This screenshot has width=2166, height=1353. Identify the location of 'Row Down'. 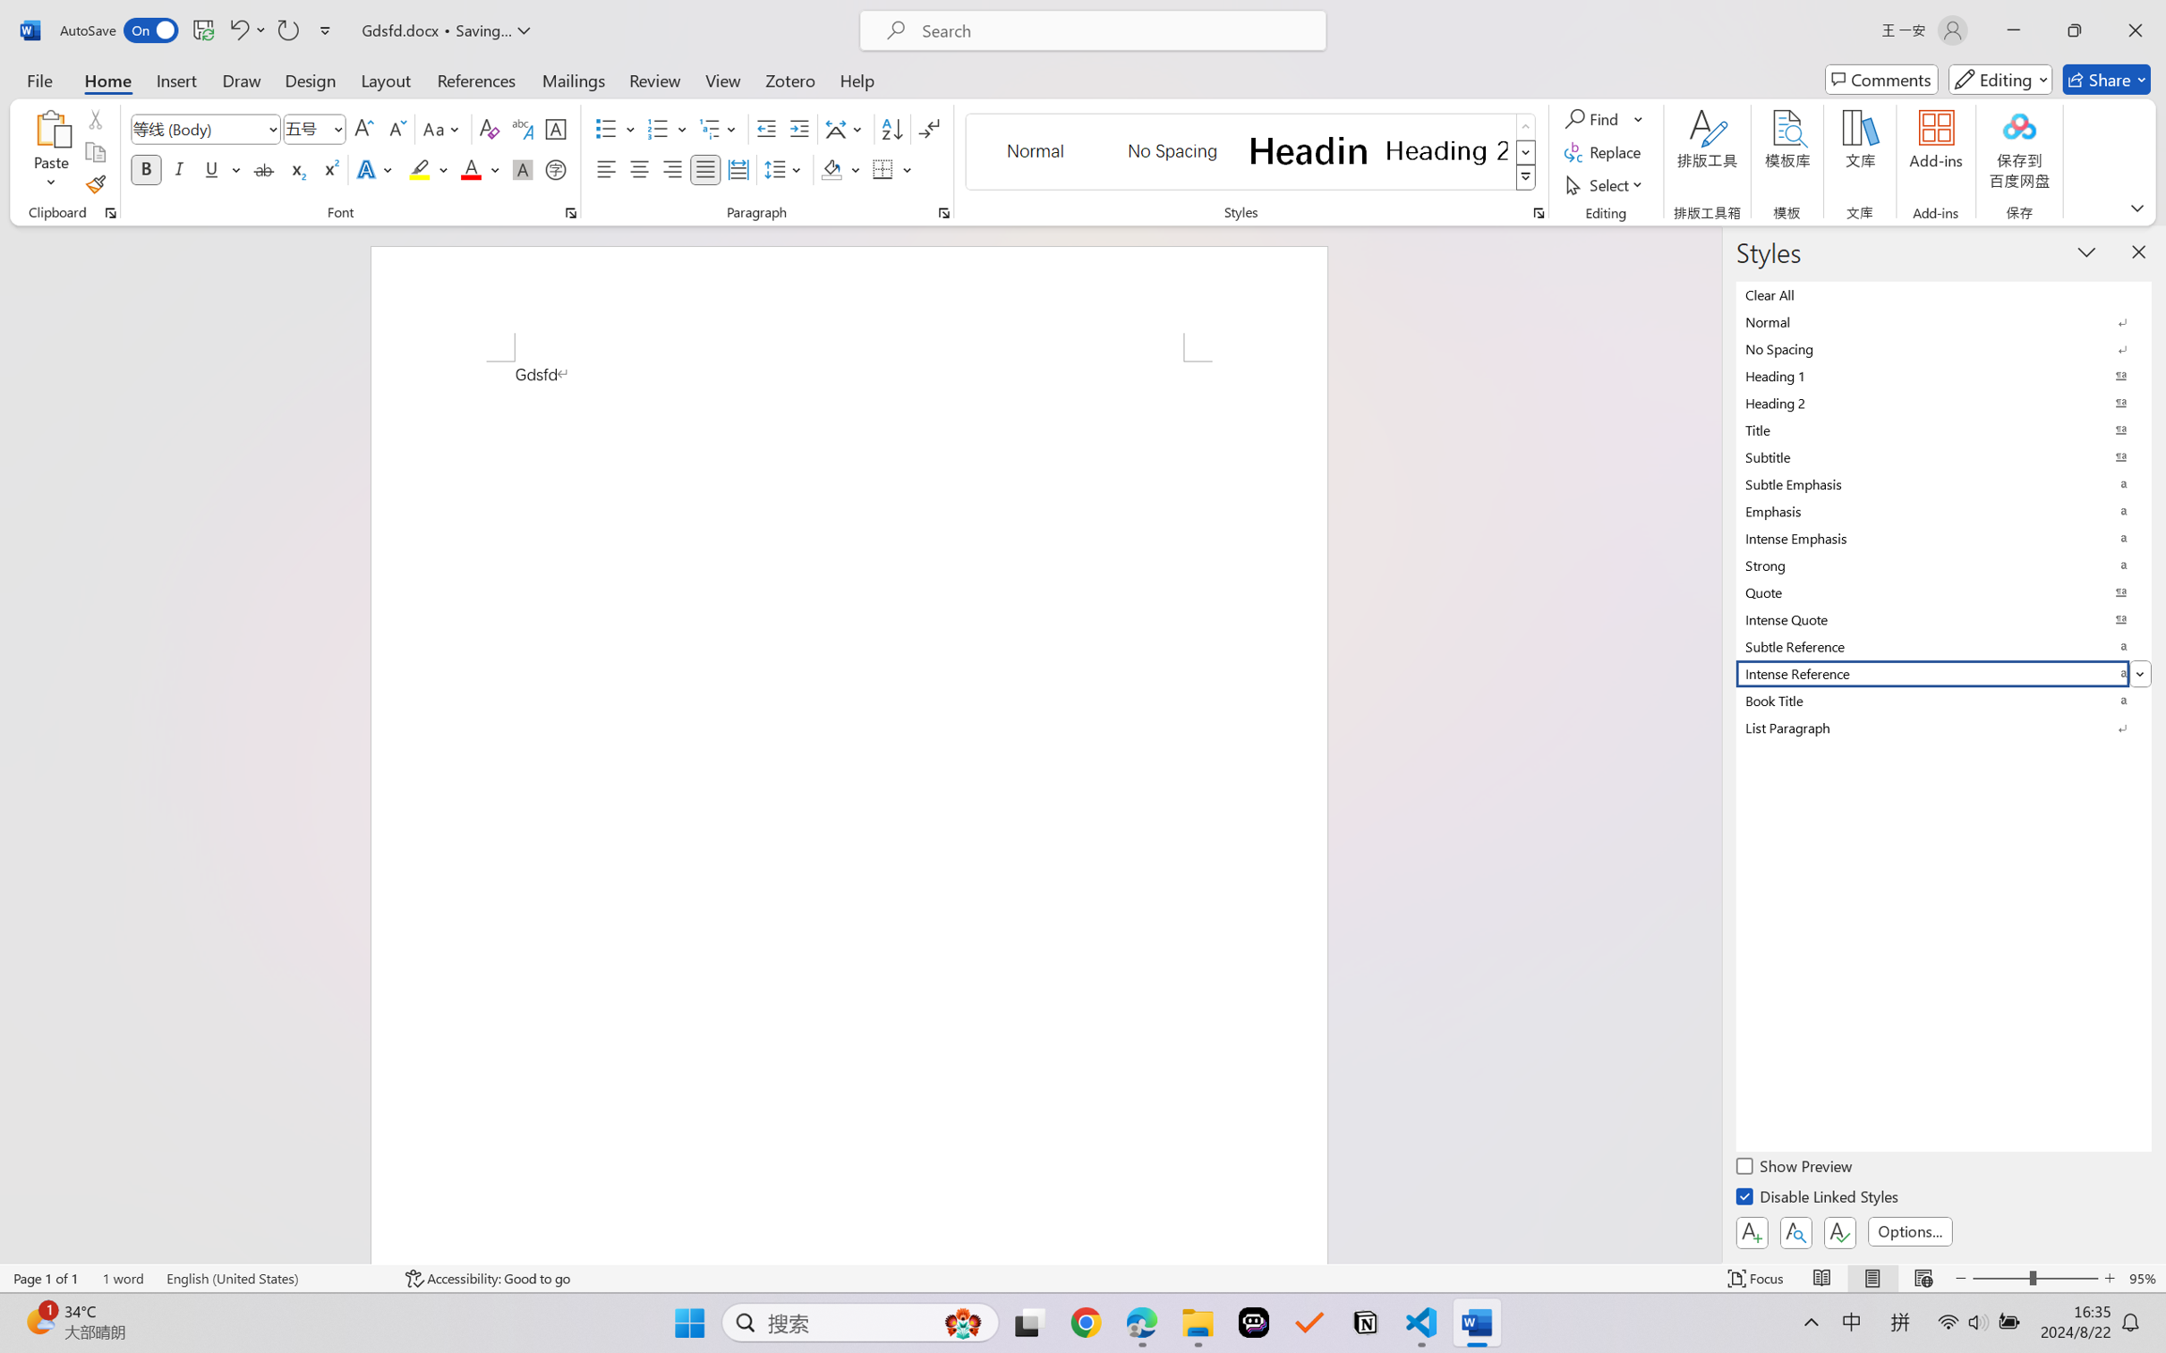
(1524, 152).